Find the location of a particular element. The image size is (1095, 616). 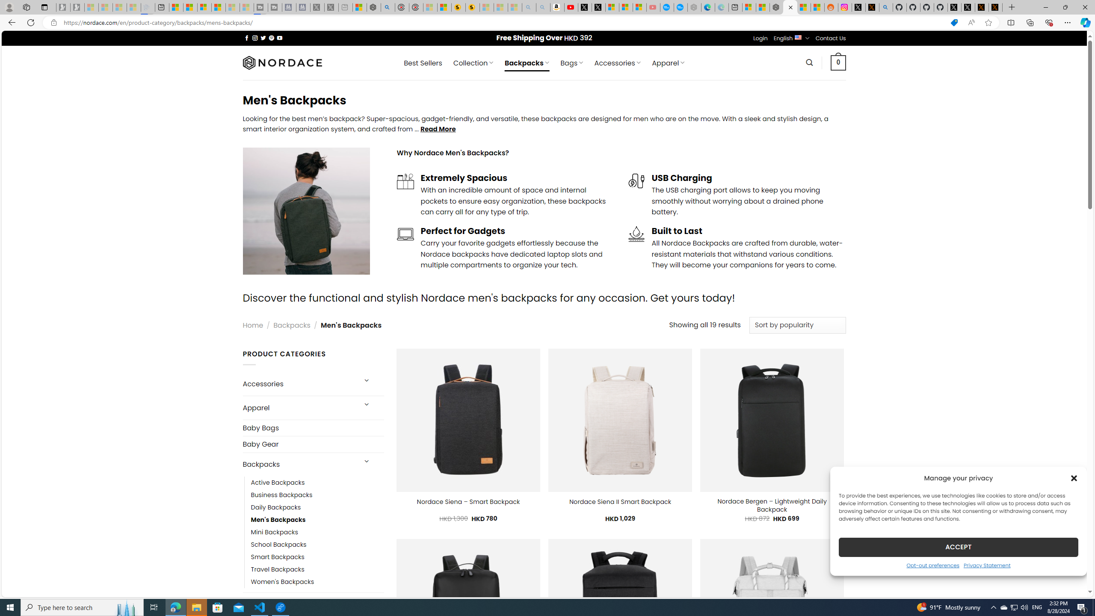

'Read More' is located at coordinates (438, 128).